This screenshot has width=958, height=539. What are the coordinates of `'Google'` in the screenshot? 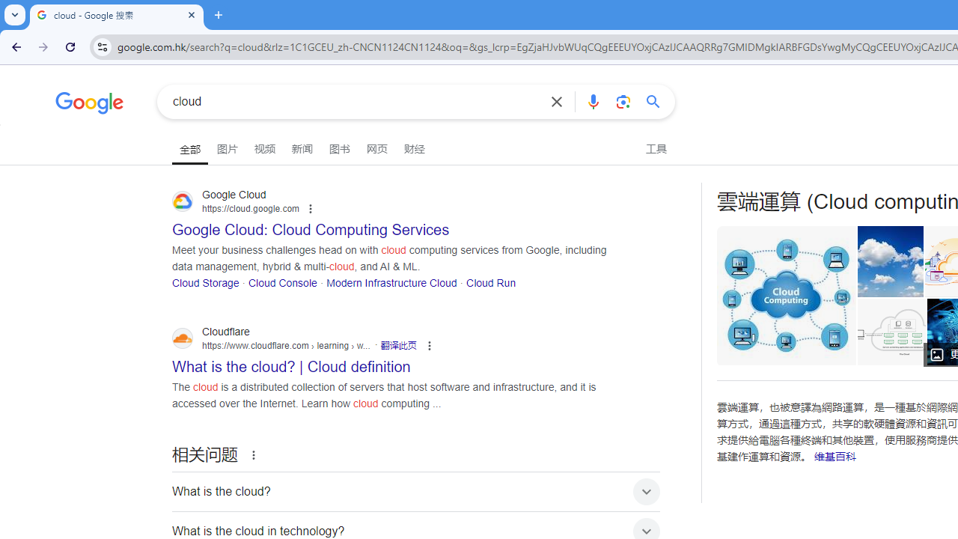 It's located at (89, 103).